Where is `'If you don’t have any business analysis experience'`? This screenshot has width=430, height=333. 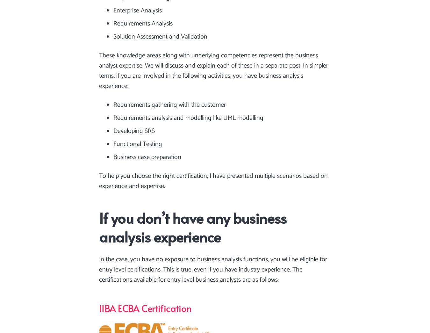 'If you don’t have any business analysis experience' is located at coordinates (192, 227).